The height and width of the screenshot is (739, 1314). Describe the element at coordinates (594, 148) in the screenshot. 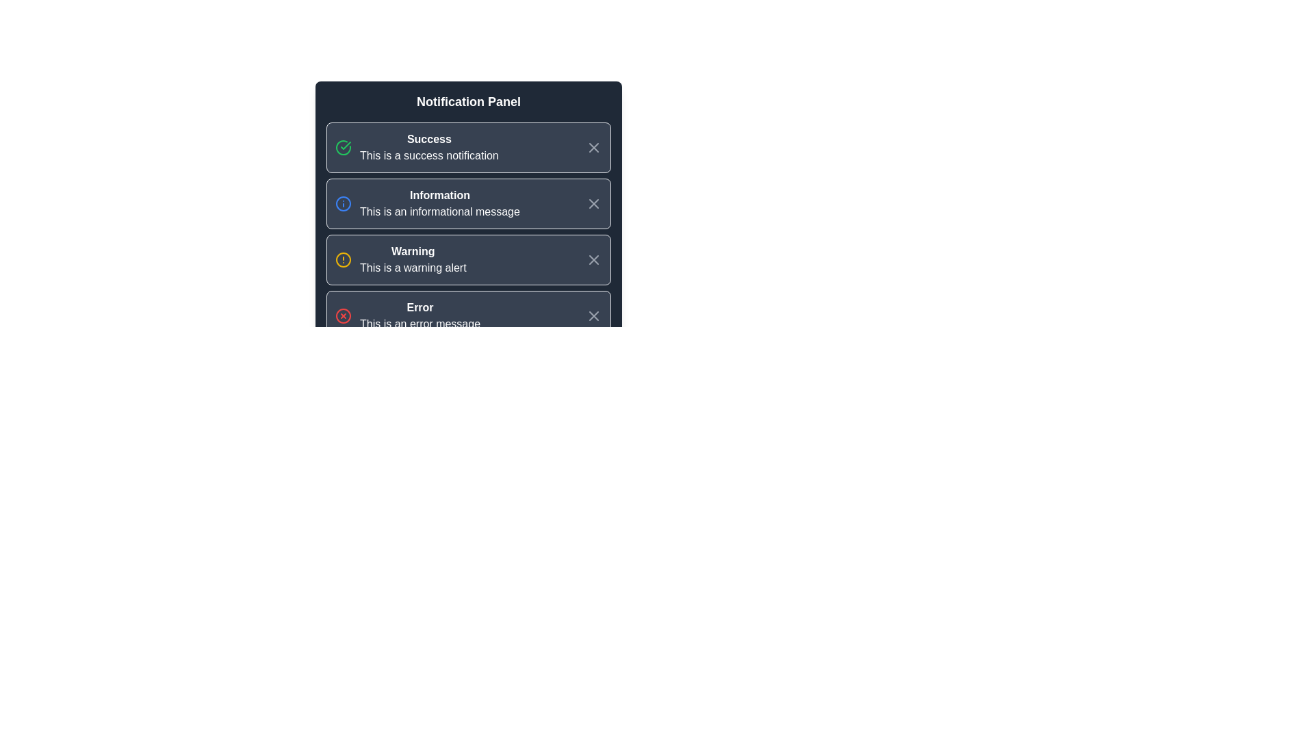

I see `the close button (small cross icon) located at the top right corner of the 'Success' notification in the Notification Panel` at that location.